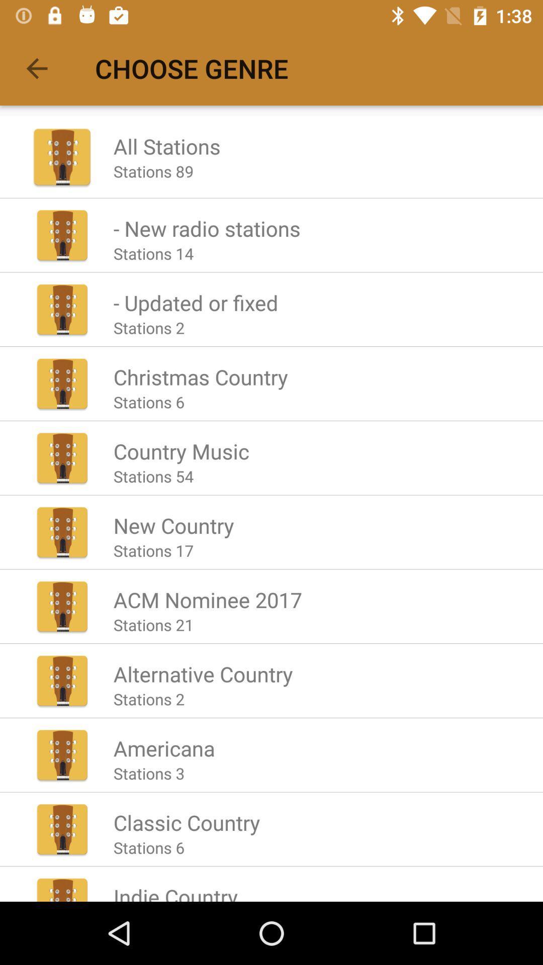 The width and height of the screenshot is (543, 965). What do you see at coordinates (173, 525) in the screenshot?
I see `new country app` at bounding box center [173, 525].